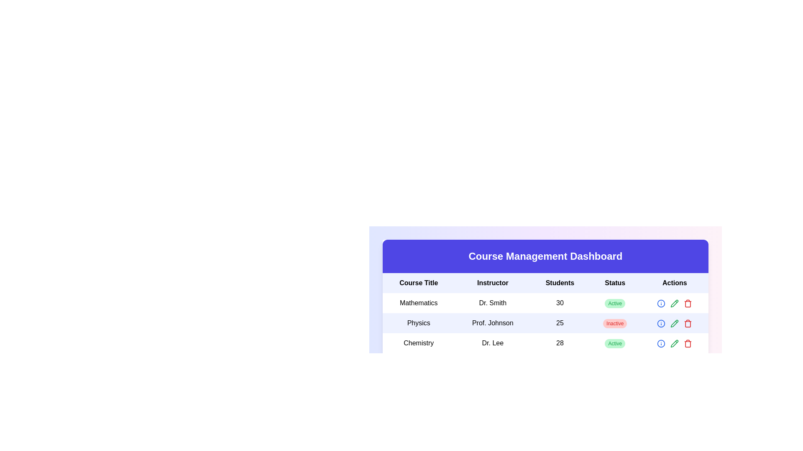 This screenshot has height=451, width=803. I want to click on the Icon button located in the 'Actions' column of the second row for the 'Physics' course, which allows users to edit the row's information, so click(675, 323).